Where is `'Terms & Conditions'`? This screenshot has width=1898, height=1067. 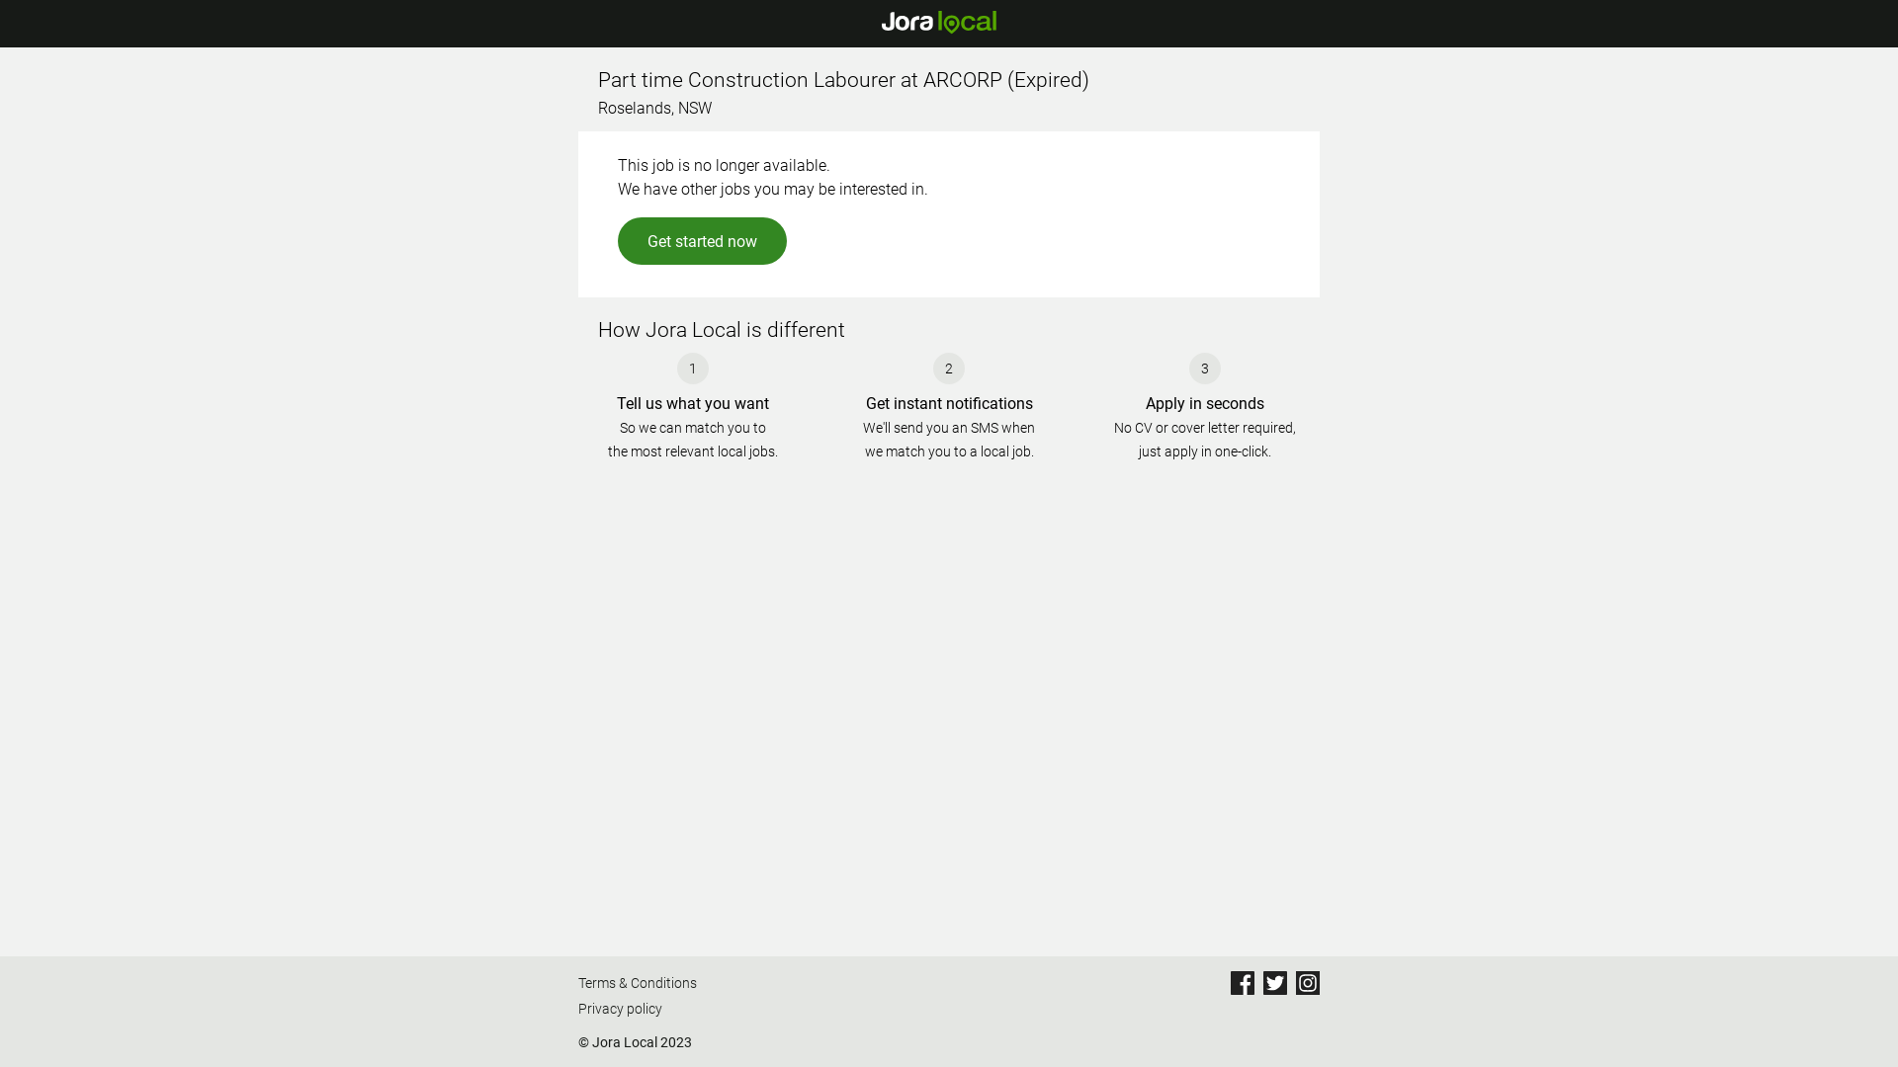
'Terms & Conditions' is located at coordinates (637, 983).